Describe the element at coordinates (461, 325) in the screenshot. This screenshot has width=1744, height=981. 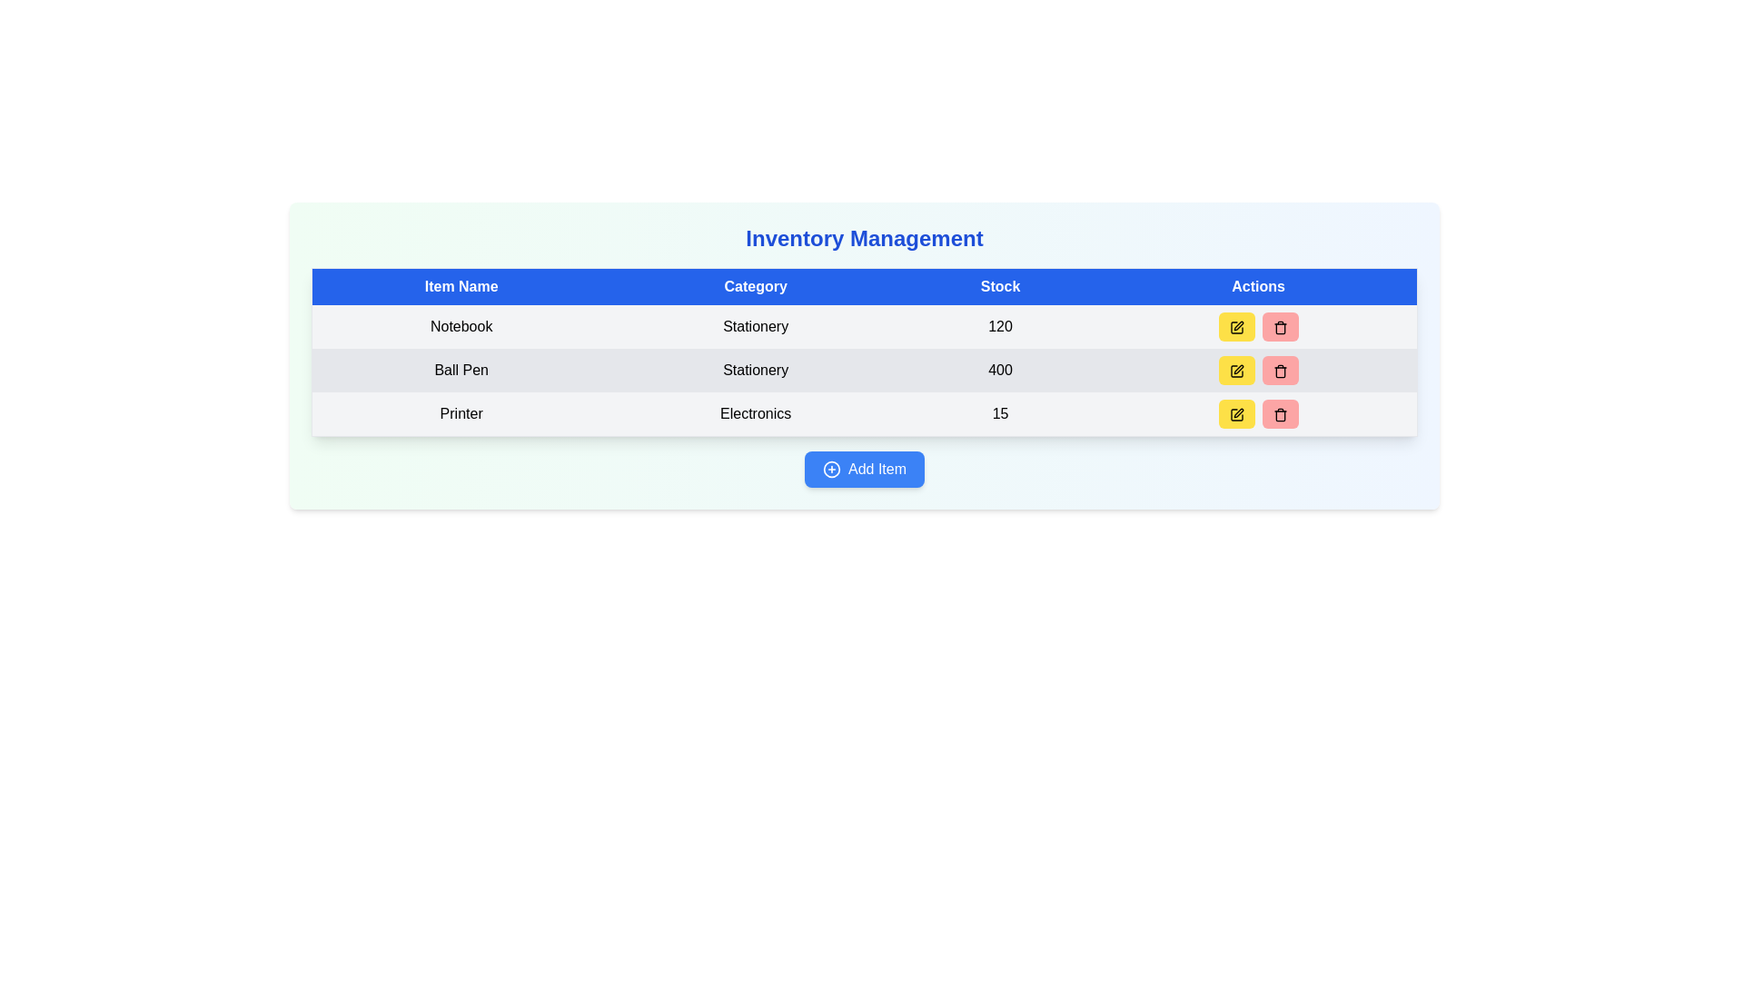
I see `the static text label displaying 'Notebook' which is located in the first row of a data table under the 'Item Name' column` at that location.